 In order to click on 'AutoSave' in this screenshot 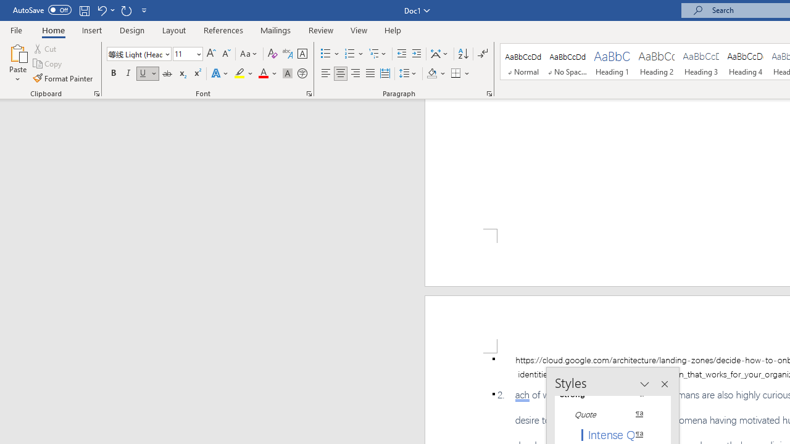, I will do `click(42, 10)`.